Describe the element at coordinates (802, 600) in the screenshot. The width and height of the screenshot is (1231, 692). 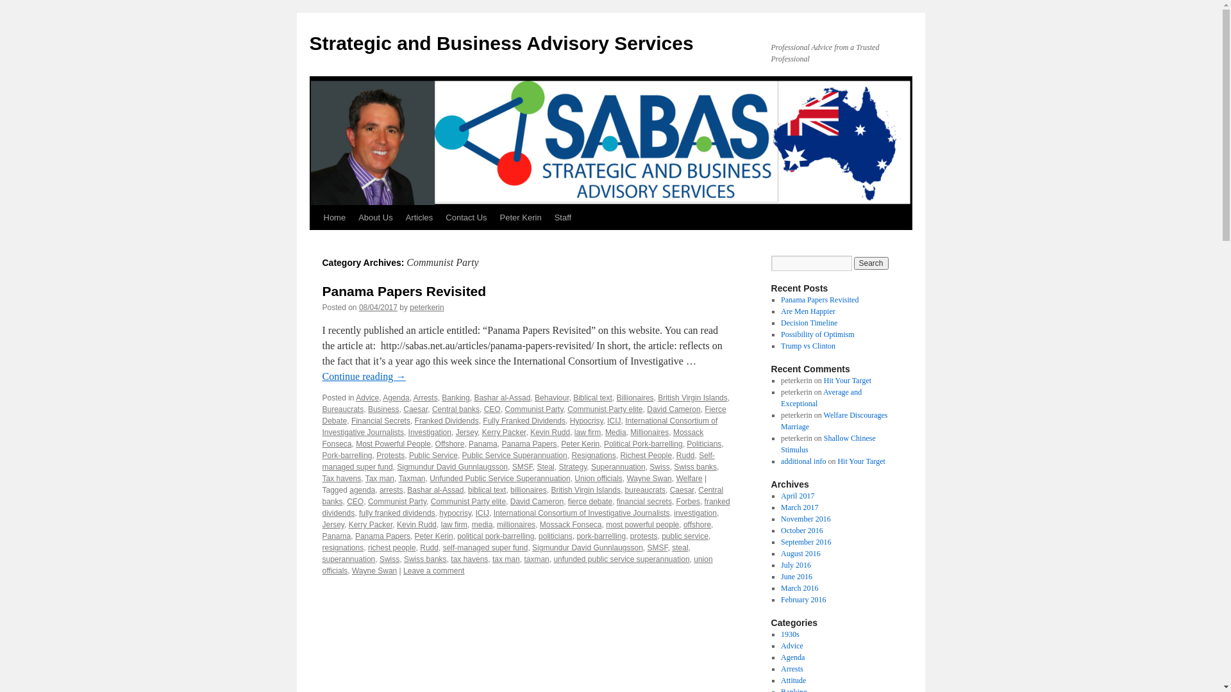
I see `'February 2016'` at that location.